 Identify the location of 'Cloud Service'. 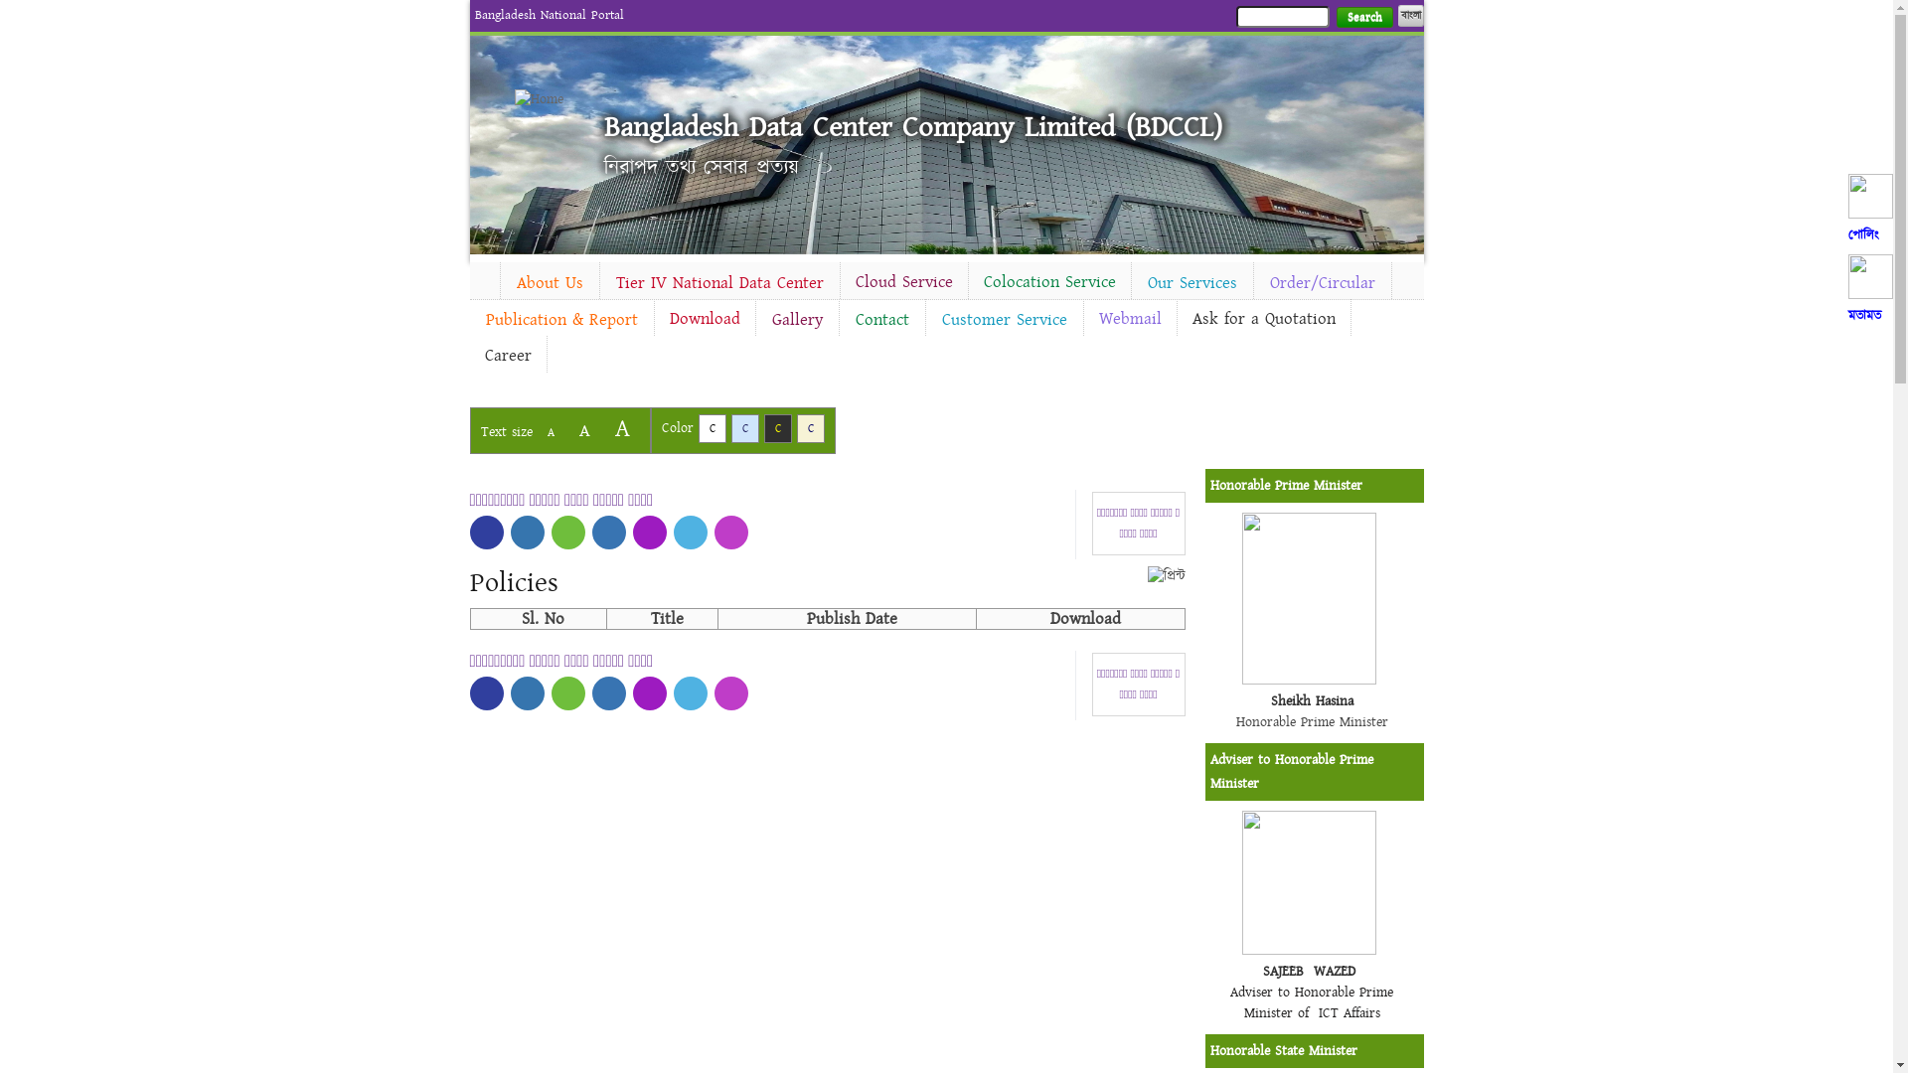
(903, 282).